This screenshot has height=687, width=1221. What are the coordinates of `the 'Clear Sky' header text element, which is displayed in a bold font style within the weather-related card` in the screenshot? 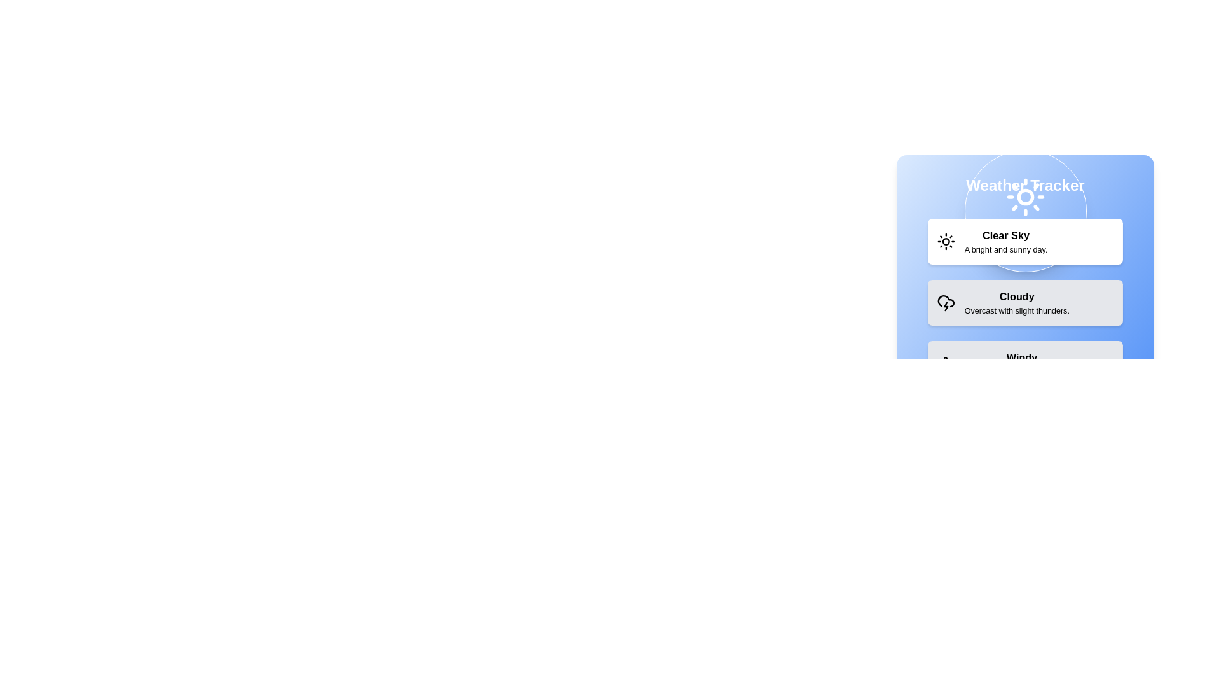 It's located at (1005, 235).